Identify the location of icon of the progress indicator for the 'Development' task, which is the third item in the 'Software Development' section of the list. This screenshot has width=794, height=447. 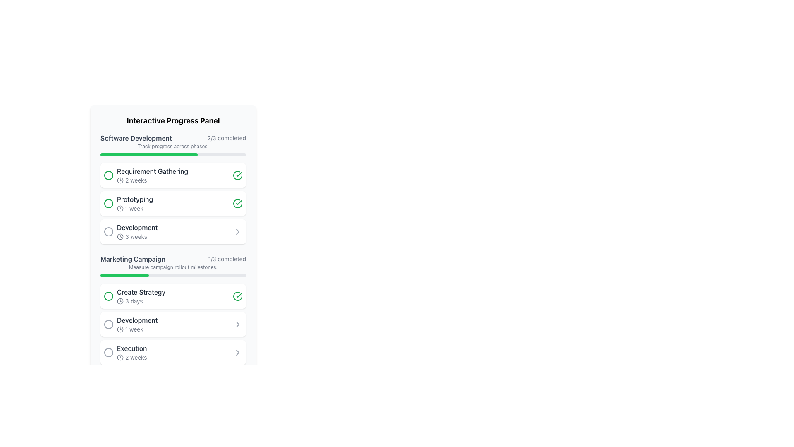
(137, 231).